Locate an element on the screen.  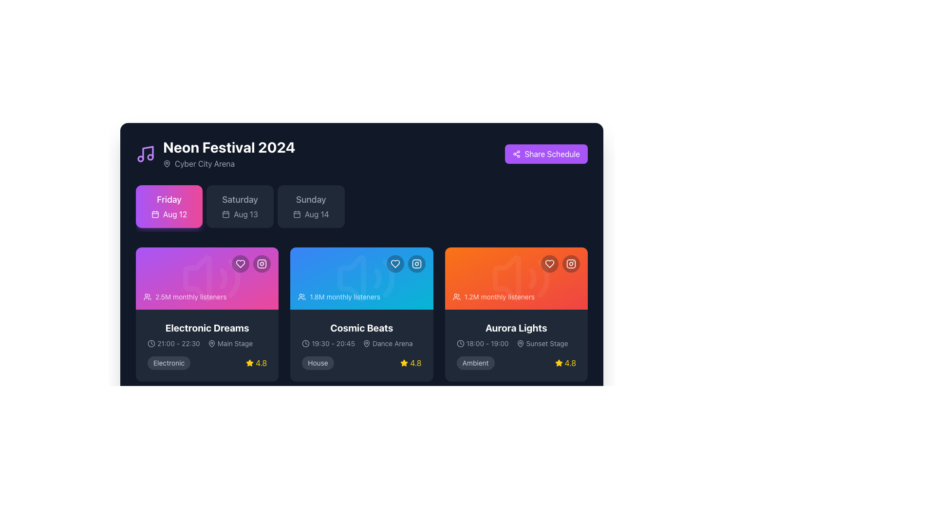
the 'Main Stage' label located in the bottom-left section of the 'Electronic Dreams' card, positioned below the main title and to the right of the time range '21:00 - 22:30' is located at coordinates (229, 343).